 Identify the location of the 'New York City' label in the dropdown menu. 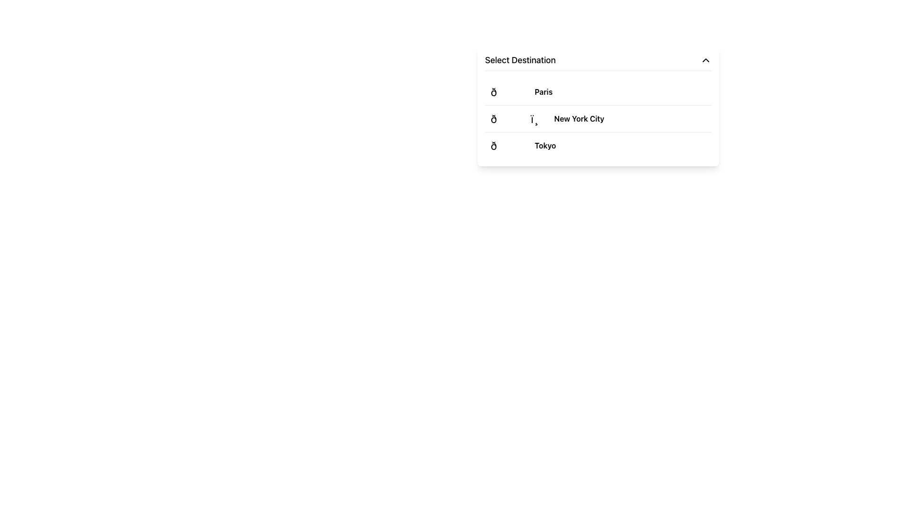
(579, 118).